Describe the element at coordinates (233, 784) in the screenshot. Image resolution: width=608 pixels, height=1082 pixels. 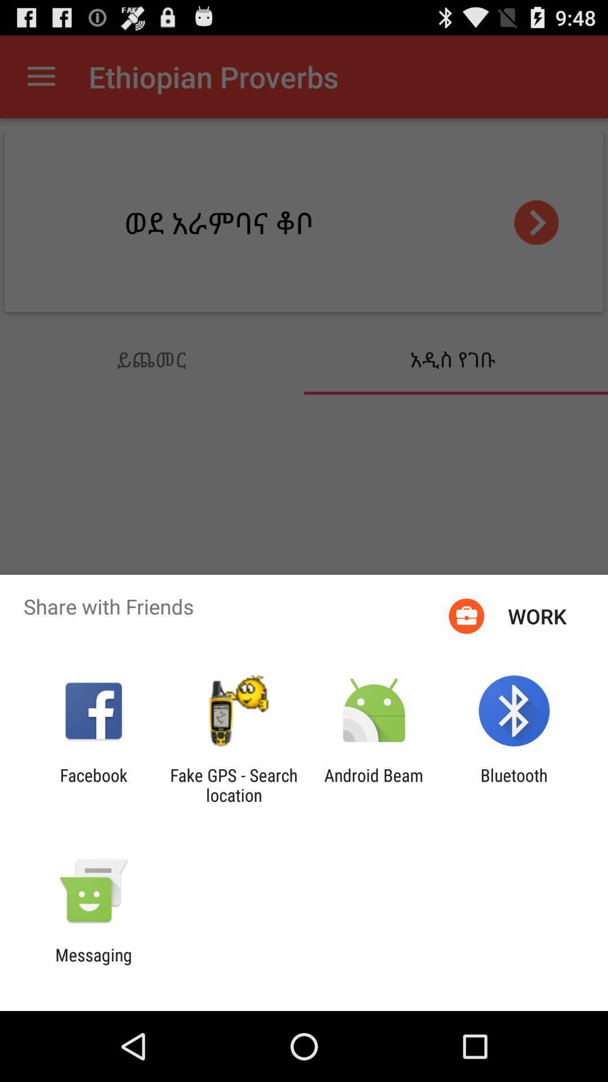
I see `the fake gps search app` at that location.